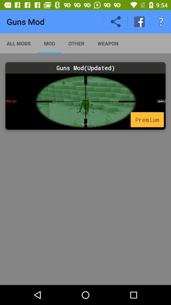 The width and height of the screenshot is (171, 305). I want to click on the all mods item, so click(19, 43).